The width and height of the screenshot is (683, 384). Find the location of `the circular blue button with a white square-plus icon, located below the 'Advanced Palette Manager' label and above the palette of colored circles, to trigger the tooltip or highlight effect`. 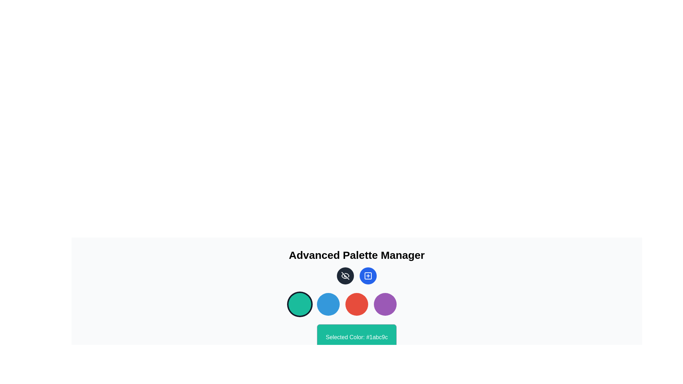

the circular blue button with a white square-plus icon, located below the 'Advanced Palette Manager' label and above the palette of colored circles, to trigger the tooltip or highlight effect is located at coordinates (368, 275).